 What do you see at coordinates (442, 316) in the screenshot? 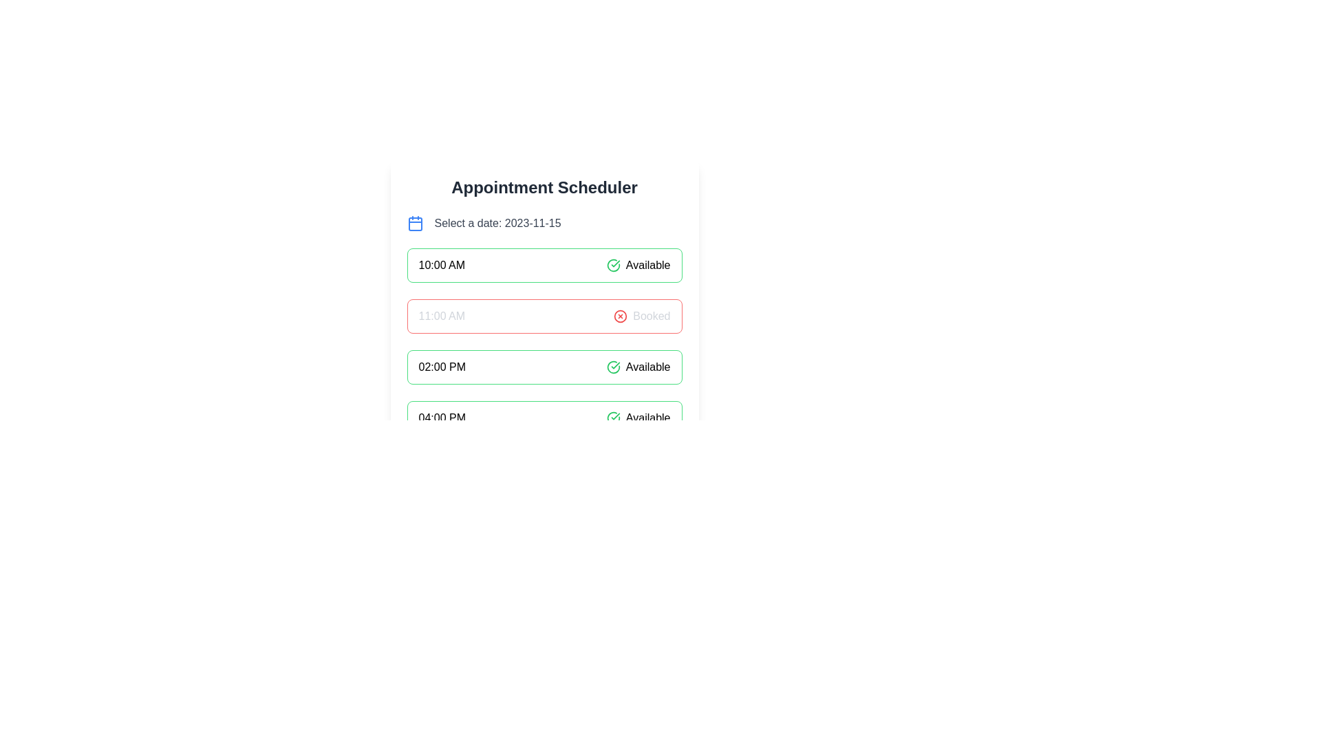
I see `the static text label indicating the time slot '11:00 AM' in the scheduler interface, which is located within a card component and is positioned near the top left of the card, adjacent to other elements like the 'Booked' label` at bounding box center [442, 316].